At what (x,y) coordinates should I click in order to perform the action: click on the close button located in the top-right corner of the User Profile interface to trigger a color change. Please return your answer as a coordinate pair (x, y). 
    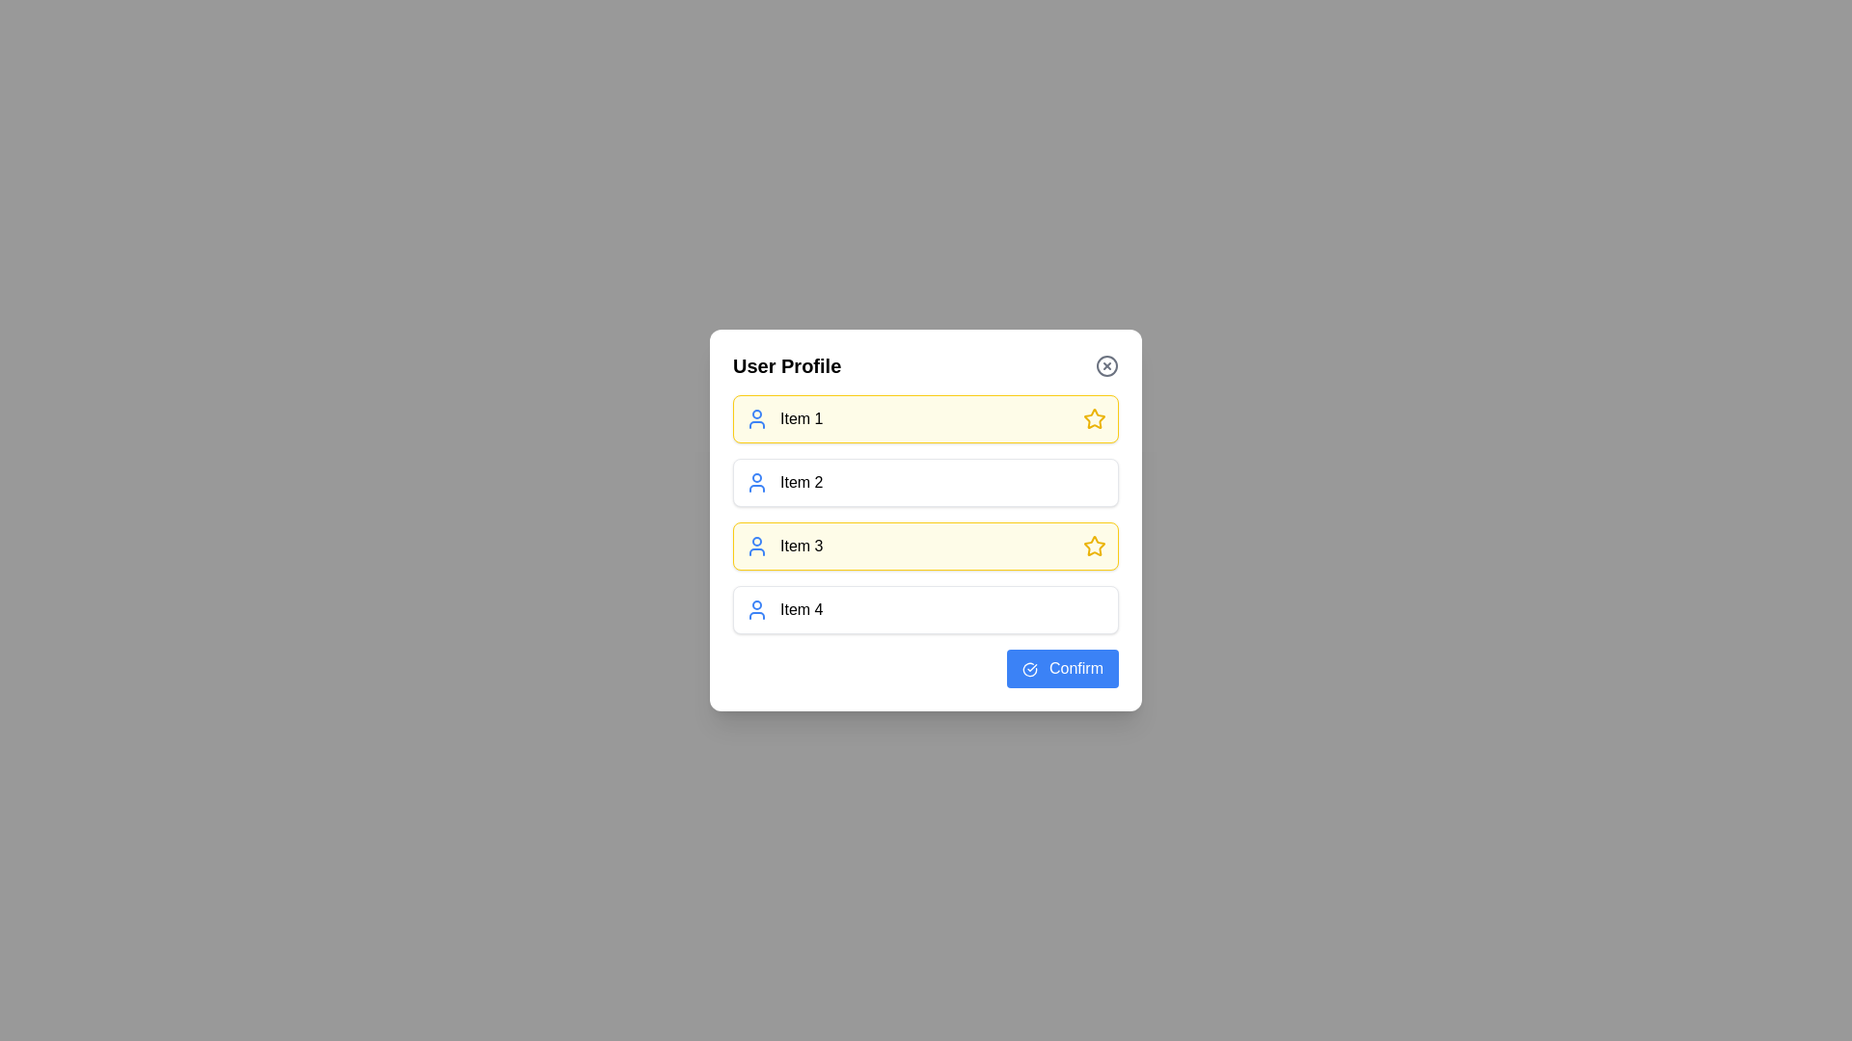
    Looking at the image, I should click on (1106, 366).